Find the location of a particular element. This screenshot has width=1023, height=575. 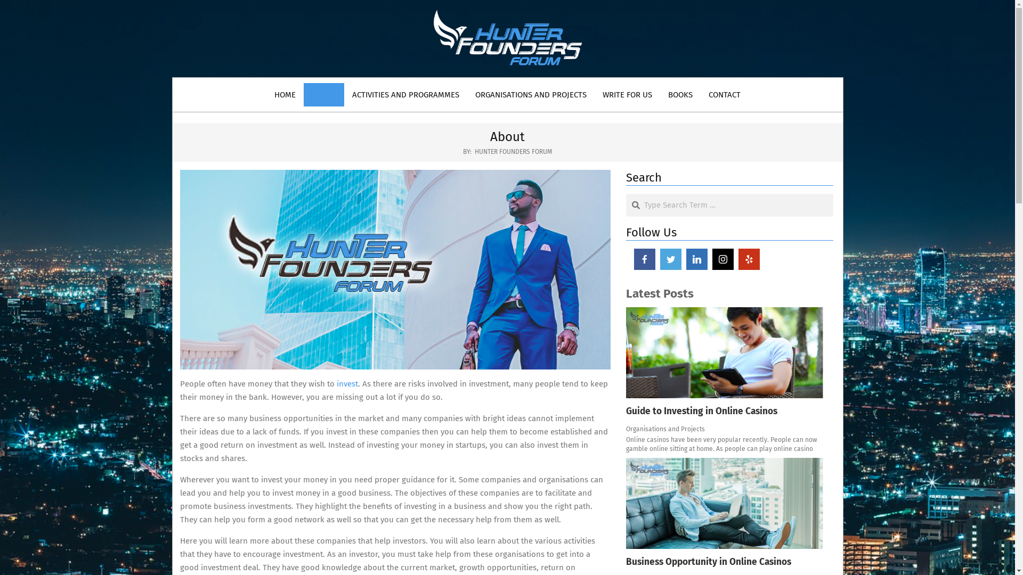

'ACTIVITIES AND PROGRAMMES' is located at coordinates (405, 94).